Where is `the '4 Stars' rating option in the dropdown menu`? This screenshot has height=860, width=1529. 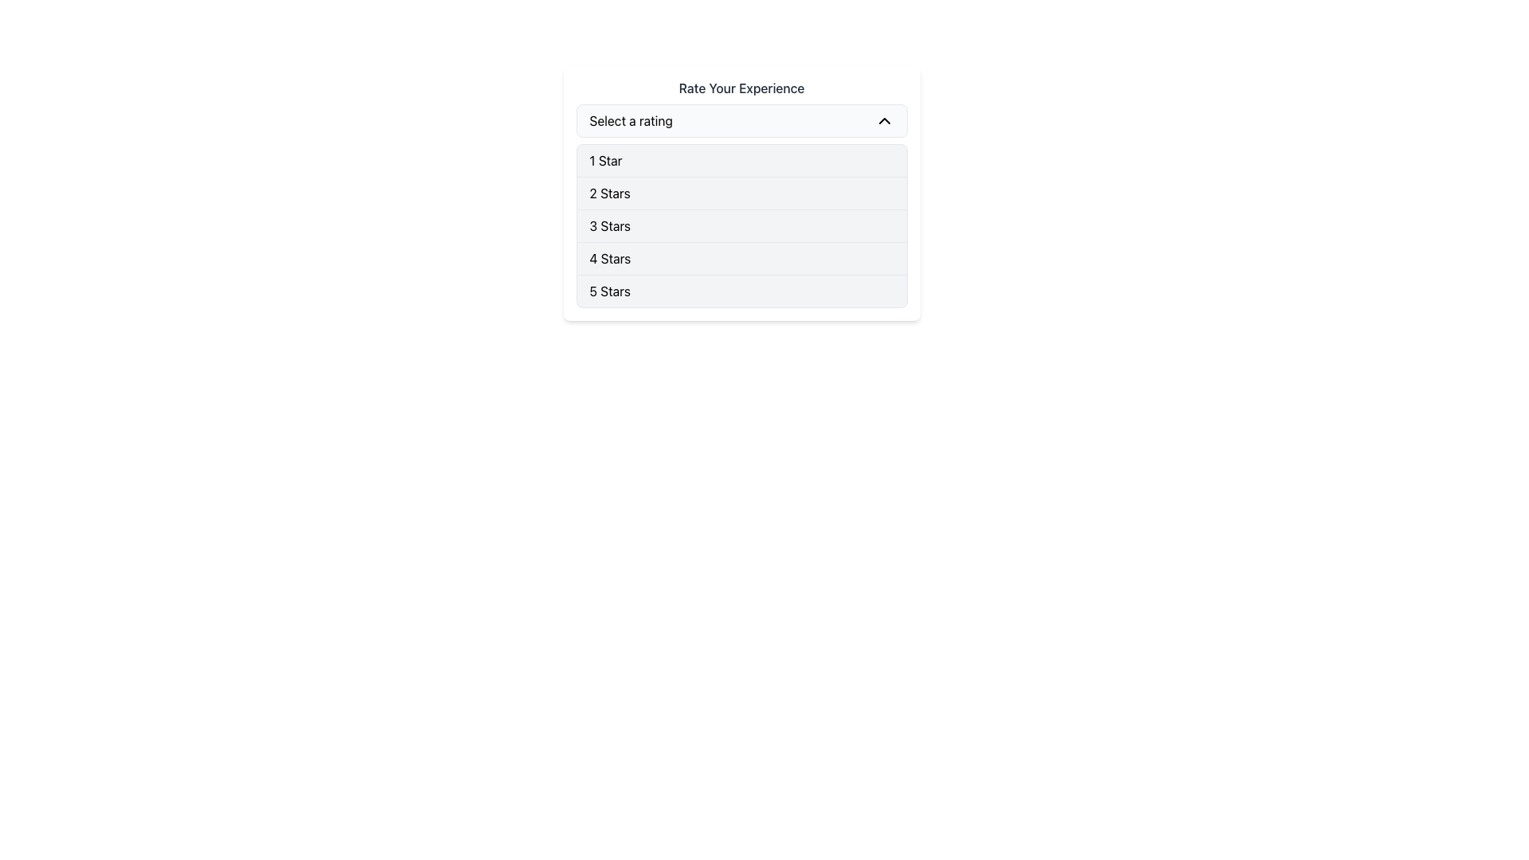 the '4 Stars' rating option in the dropdown menu is located at coordinates (741, 257).